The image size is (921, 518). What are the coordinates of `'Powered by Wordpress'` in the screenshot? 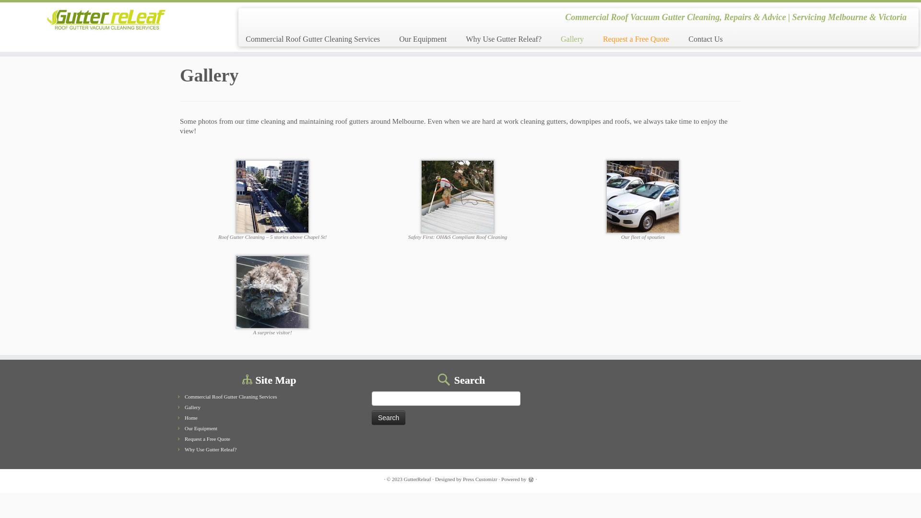 It's located at (531, 479).